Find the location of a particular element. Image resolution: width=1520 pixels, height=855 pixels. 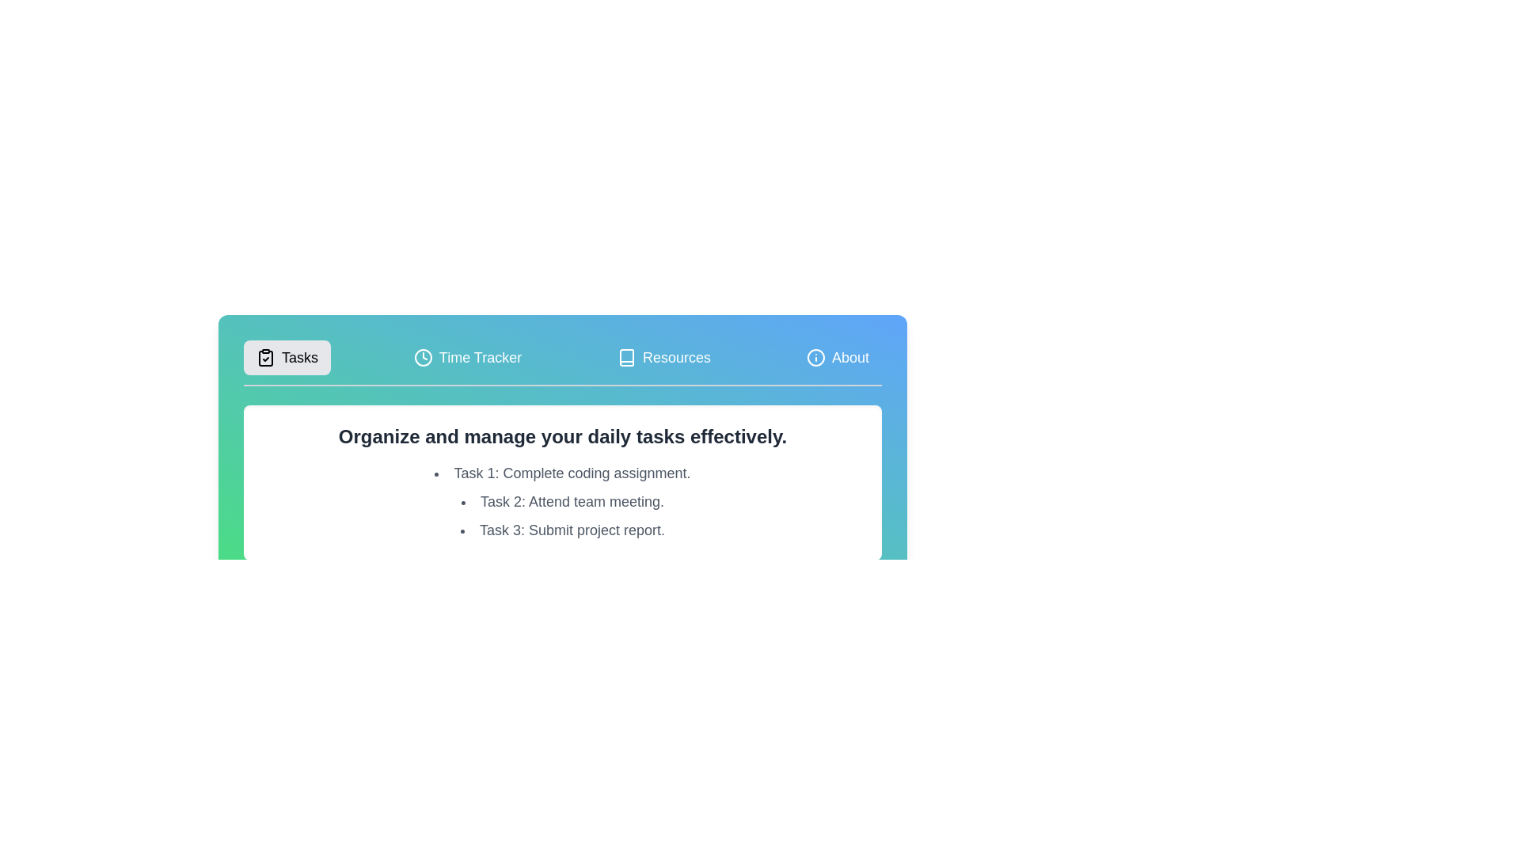

the tab labeled Time Tracker is located at coordinates (466, 357).